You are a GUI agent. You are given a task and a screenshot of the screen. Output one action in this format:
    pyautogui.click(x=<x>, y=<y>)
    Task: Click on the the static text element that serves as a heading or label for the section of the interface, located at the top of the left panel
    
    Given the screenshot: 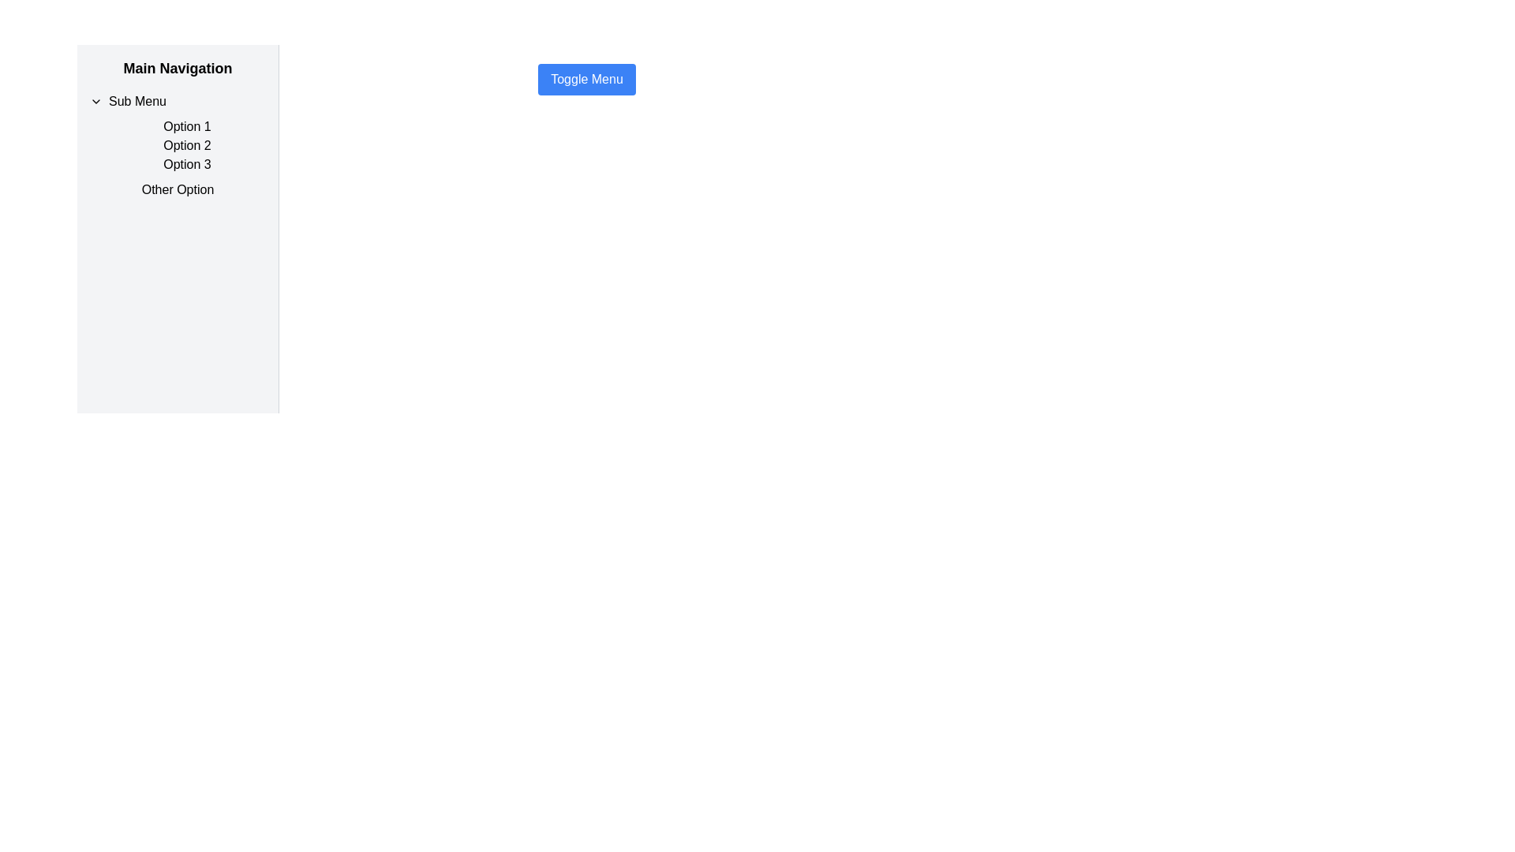 What is the action you would take?
    pyautogui.click(x=178, y=68)
    